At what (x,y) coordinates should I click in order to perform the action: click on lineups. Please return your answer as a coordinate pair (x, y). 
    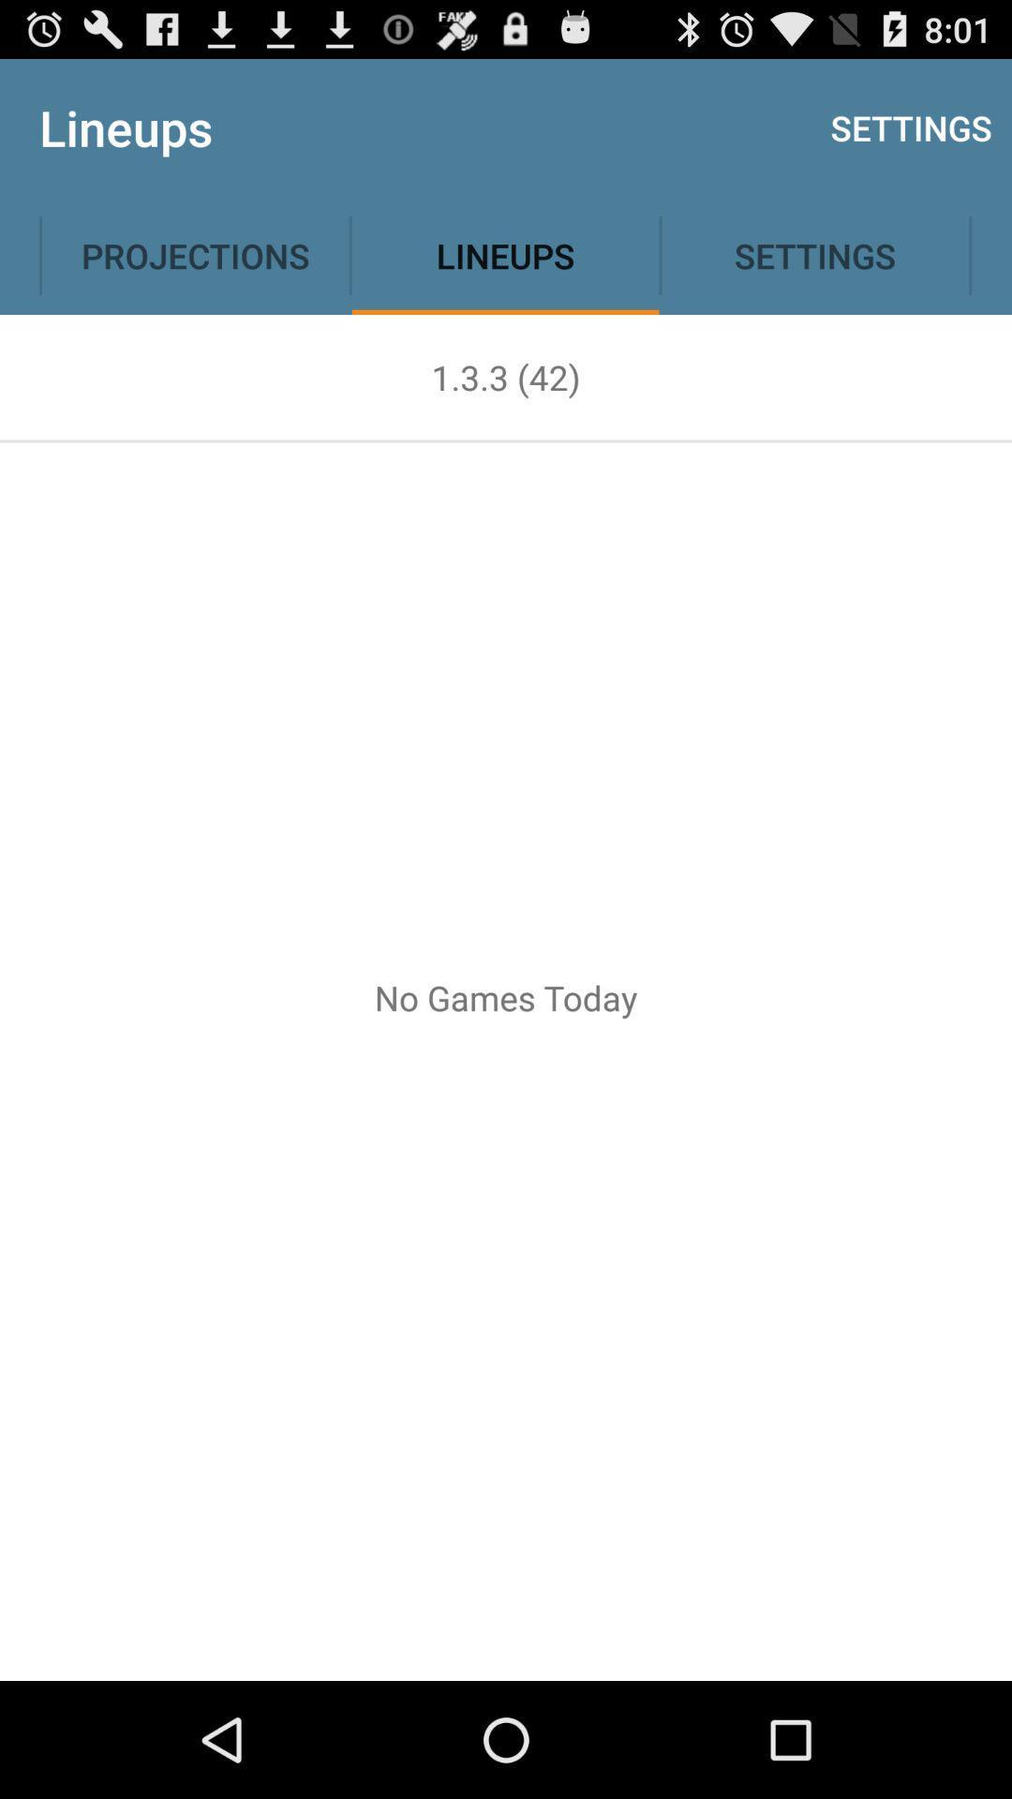
    Looking at the image, I should click on (506, 255).